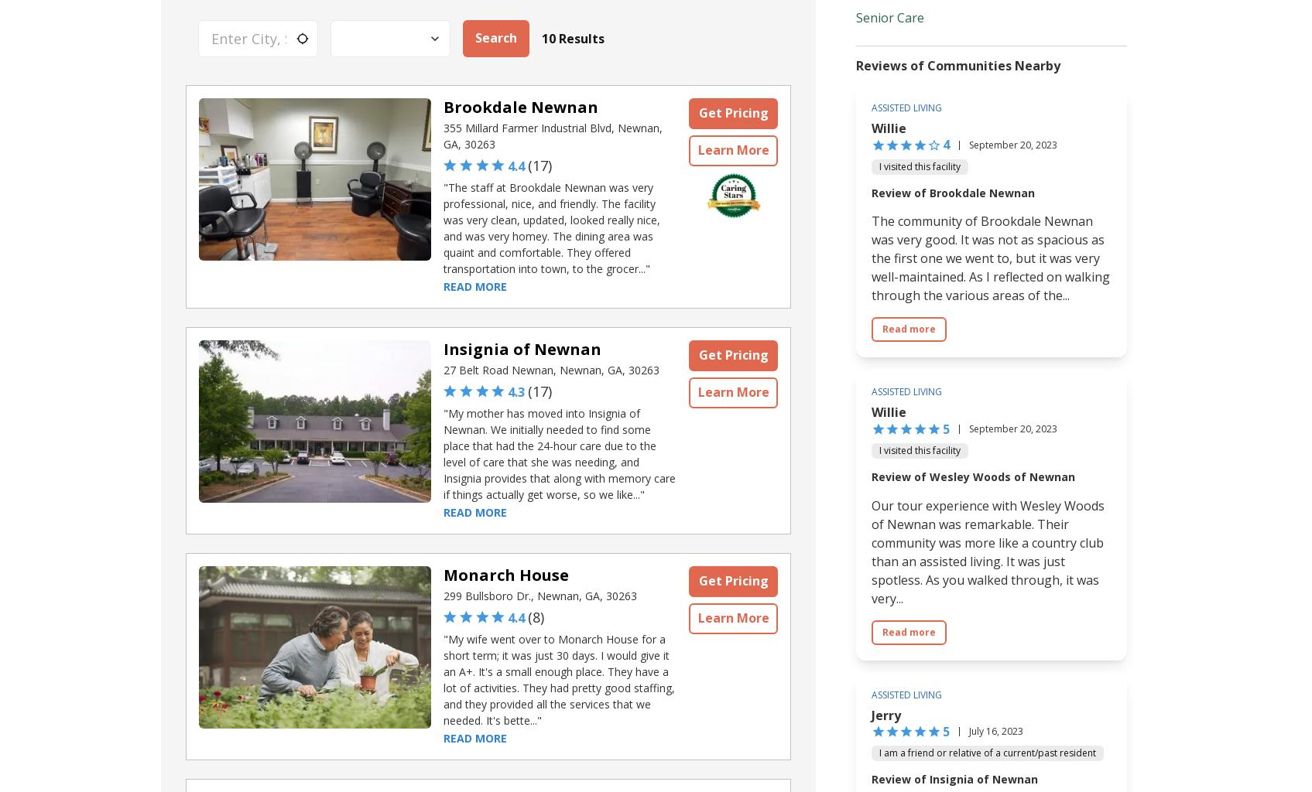  What do you see at coordinates (540, 596) in the screenshot?
I see `'299 Bullsboro Dr., Newnan, GA, 30263'` at bounding box center [540, 596].